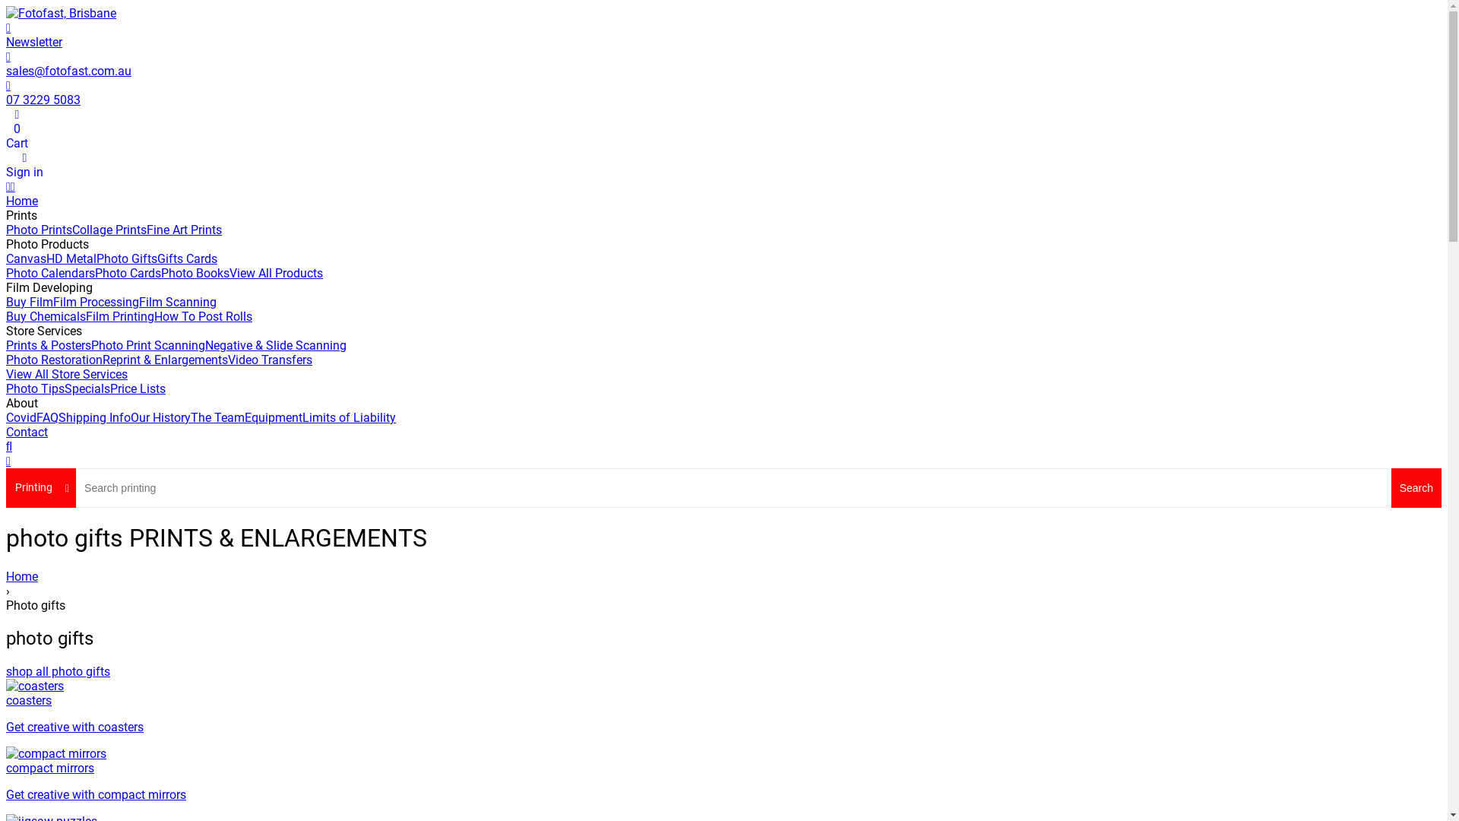  Describe the element at coordinates (119, 315) in the screenshot. I see `'Film Printing'` at that location.